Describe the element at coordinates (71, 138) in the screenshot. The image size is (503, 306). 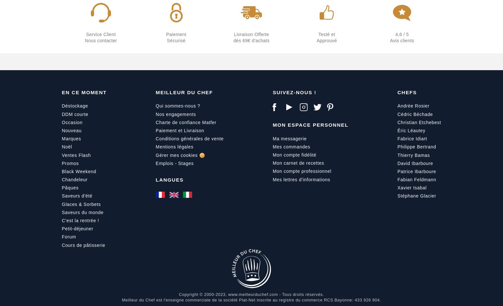
I see `'Marques'` at that location.